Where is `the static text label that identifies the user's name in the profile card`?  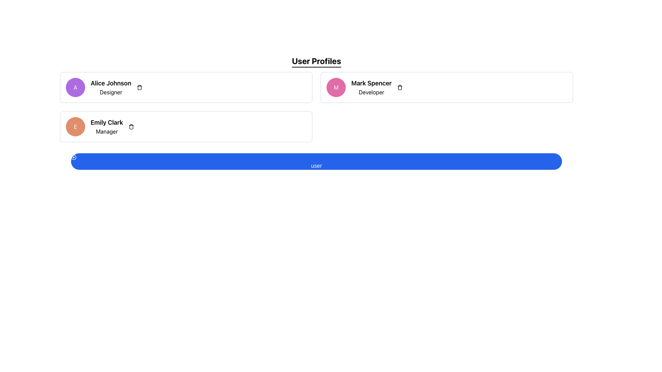 the static text label that identifies the user's name in the profile card is located at coordinates (111, 83).